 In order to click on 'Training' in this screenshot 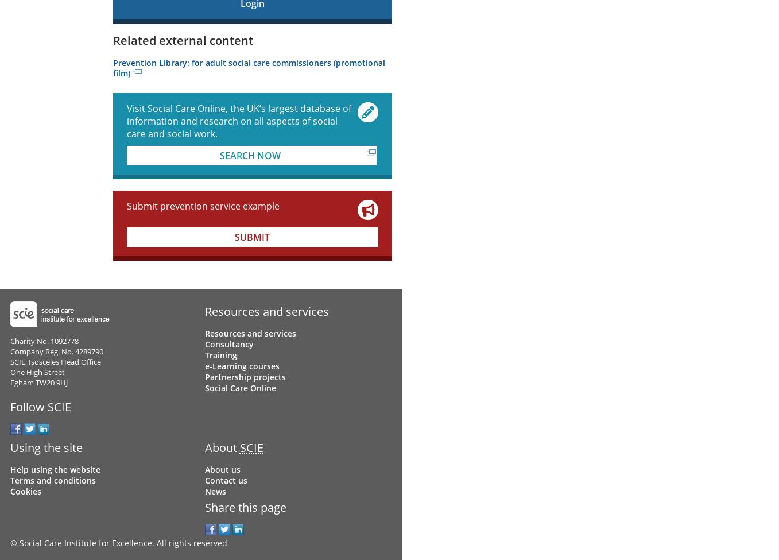, I will do `click(220, 354)`.